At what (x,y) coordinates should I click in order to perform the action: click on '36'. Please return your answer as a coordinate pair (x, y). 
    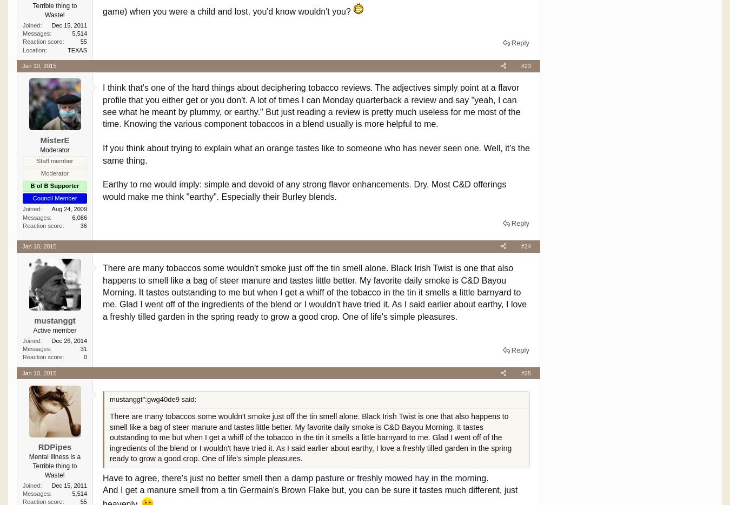
    Looking at the image, I should click on (83, 226).